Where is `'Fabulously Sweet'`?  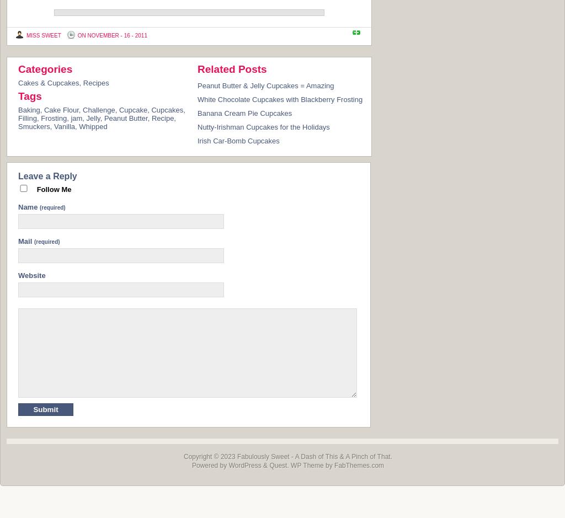 'Fabulously Sweet' is located at coordinates (262, 456).